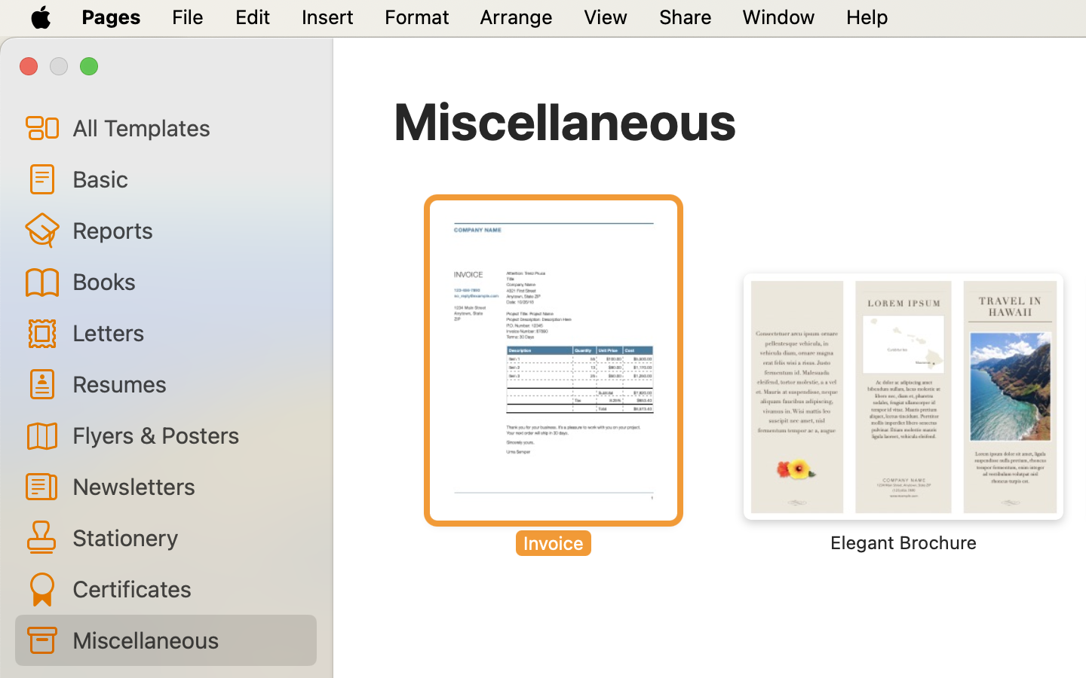  What do you see at coordinates (187, 383) in the screenshot?
I see `'Resumes'` at bounding box center [187, 383].